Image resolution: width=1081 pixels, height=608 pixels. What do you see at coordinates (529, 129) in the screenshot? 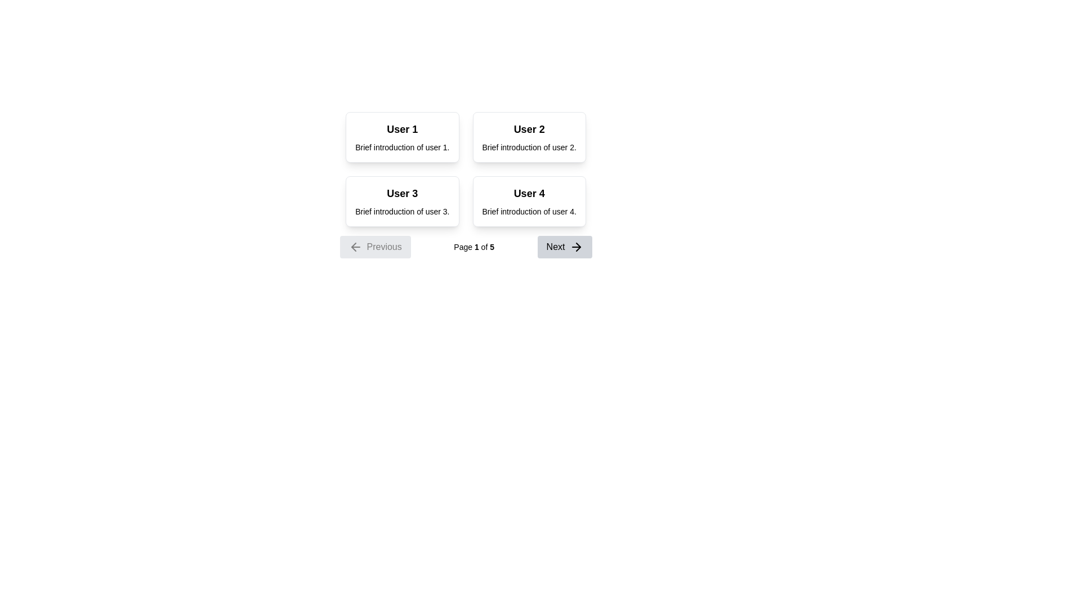
I see `bold text 'User 2' which is the primary heading of the second card in the grid, located at the top row, second column` at bounding box center [529, 129].